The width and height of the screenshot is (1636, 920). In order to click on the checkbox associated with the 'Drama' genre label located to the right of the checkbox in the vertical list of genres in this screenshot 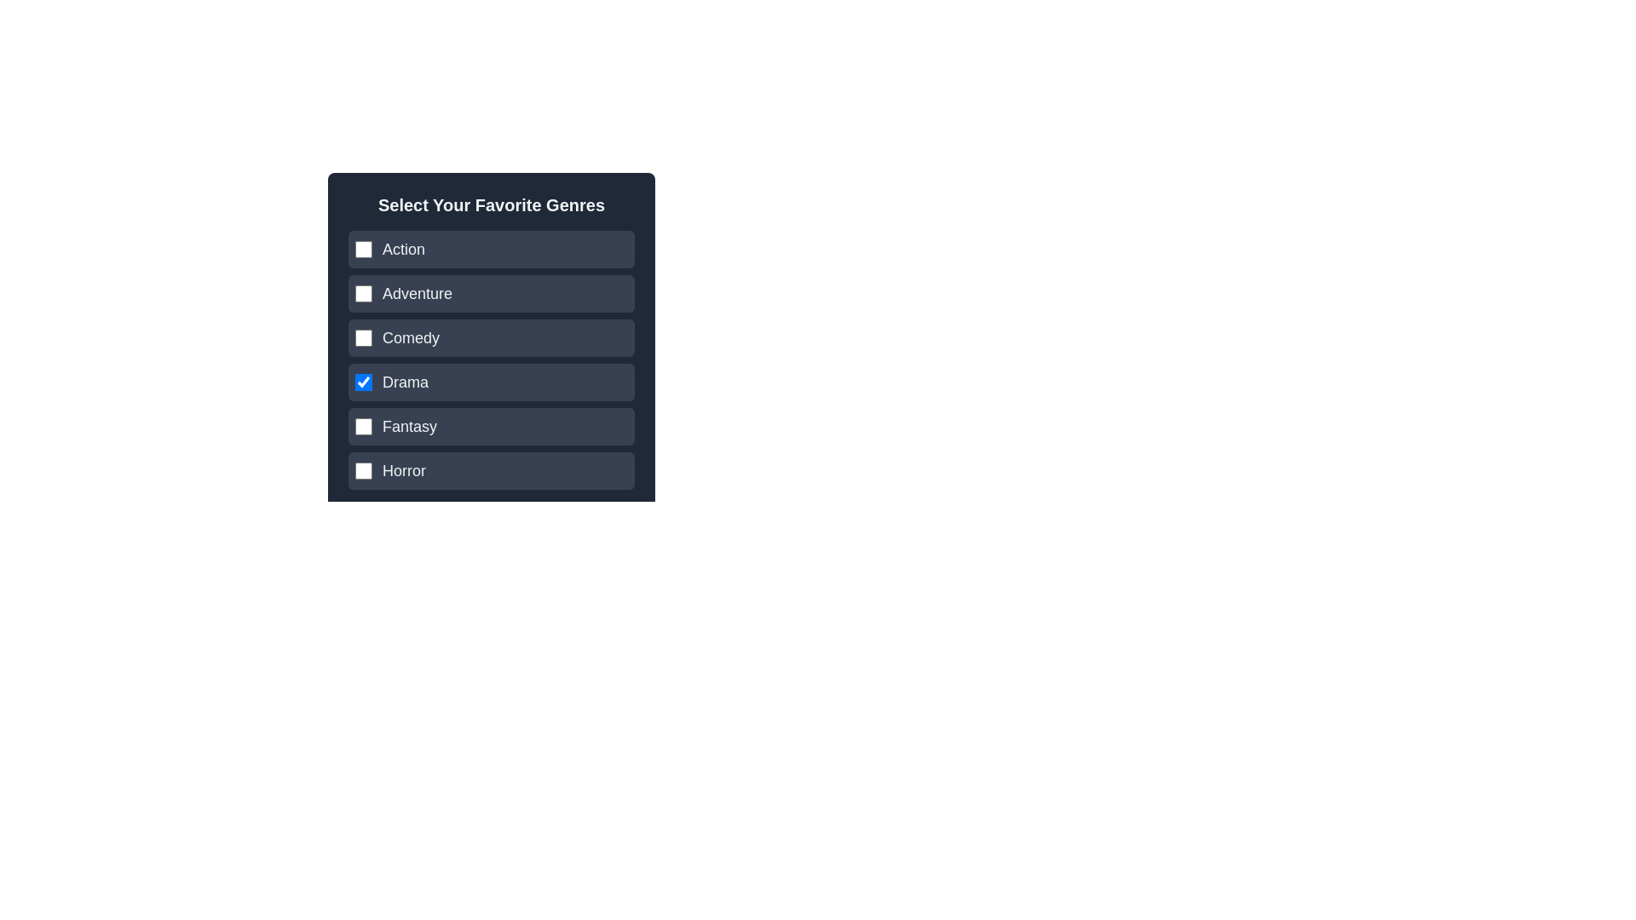, I will do `click(404, 381)`.